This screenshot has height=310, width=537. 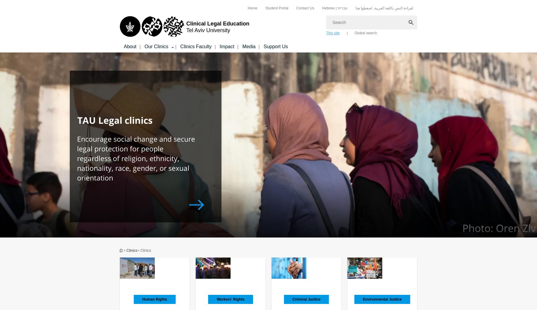 What do you see at coordinates (292, 299) in the screenshot?
I see `'Criminal Justice'` at bounding box center [292, 299].